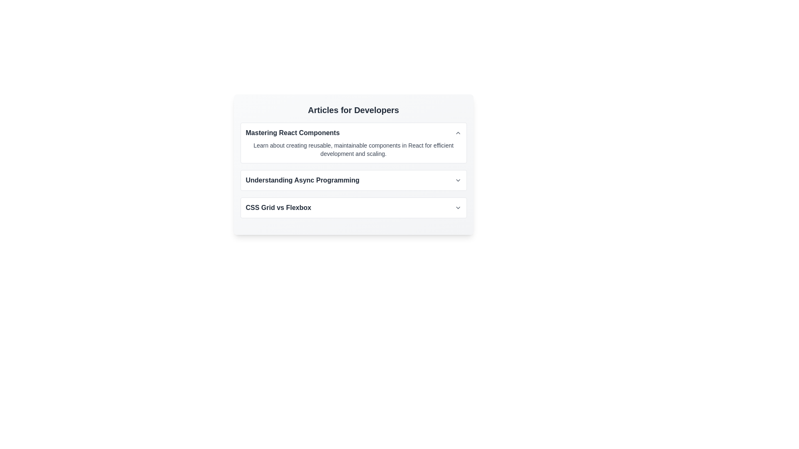 The image size is (799, 449). Describe the element at coordinates (293, 133) in the screenshot. I see `text label that serves as a heading for an expandable section about mastering React components, positioned in the 'Articles for Developers' section, above the entry 'Understanding Async Programming'` at that location.